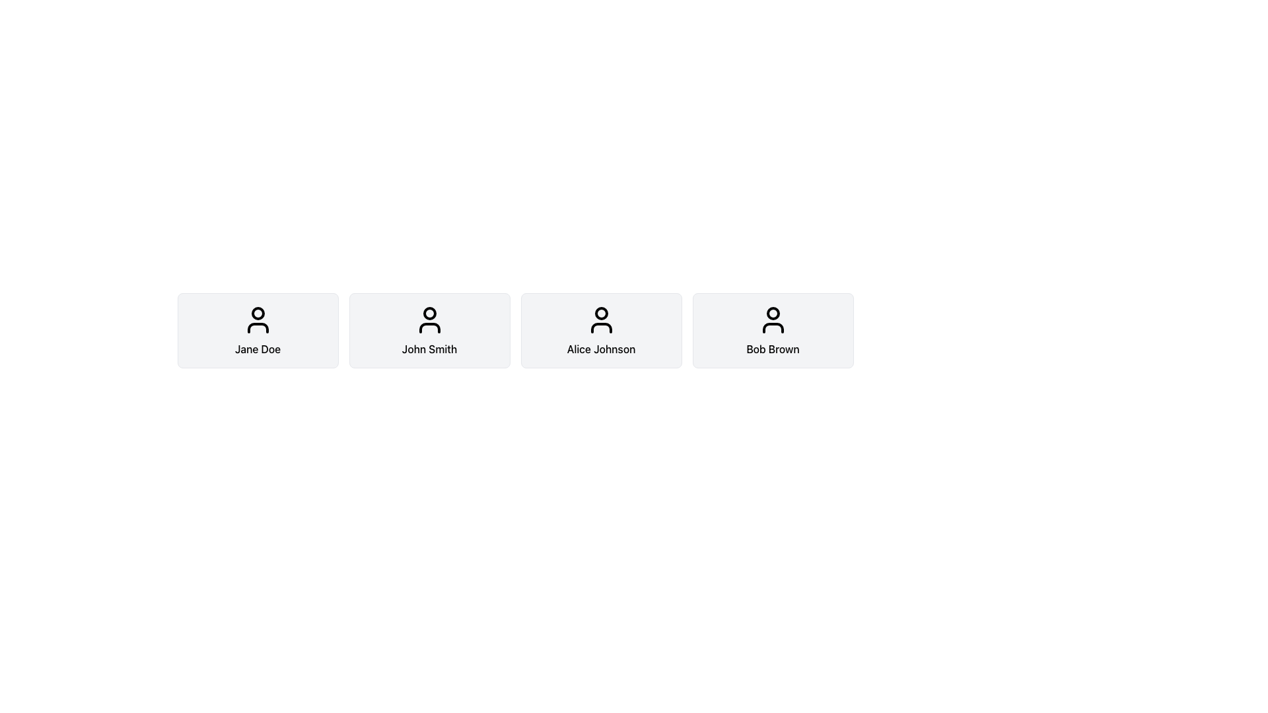 The image size is (1268, 713). Describe the element at coordinates (773, 330) in the screenshot. I see `the Profile Card for user 'Bob Brown', which is the fourth card from the left in a horizontal list of similar elements` at that location.